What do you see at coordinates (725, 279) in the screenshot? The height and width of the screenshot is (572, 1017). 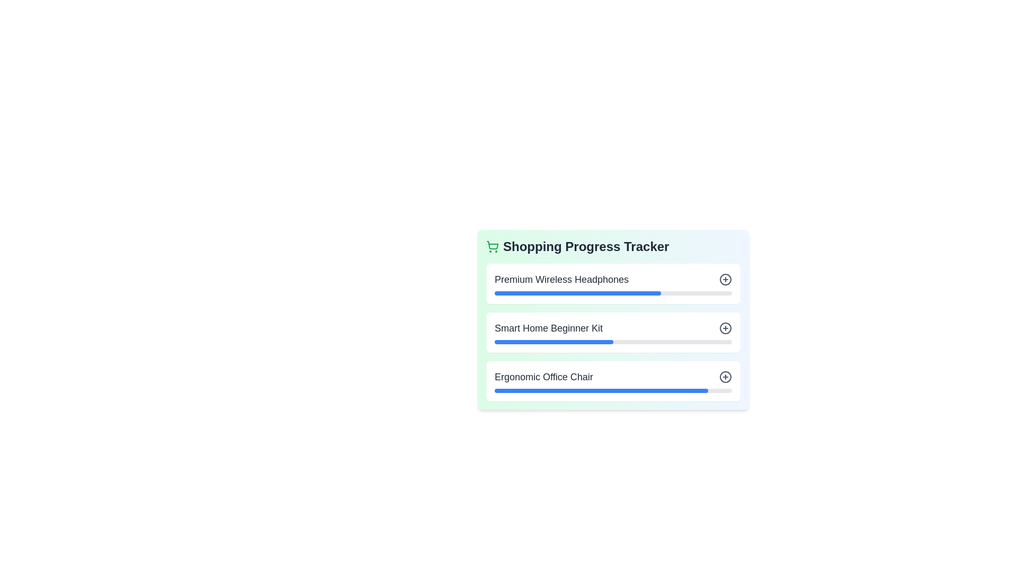 I see `the interactive button located to the right of the text 'Premium Wireless Headphones'` at bounding box center [725, 279].